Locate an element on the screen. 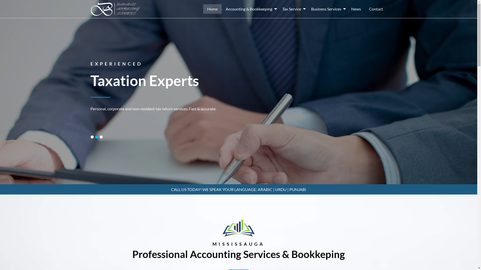 This screenshot has height=270, width=481. 'Second slide details. is located at coordinates (96, 137).